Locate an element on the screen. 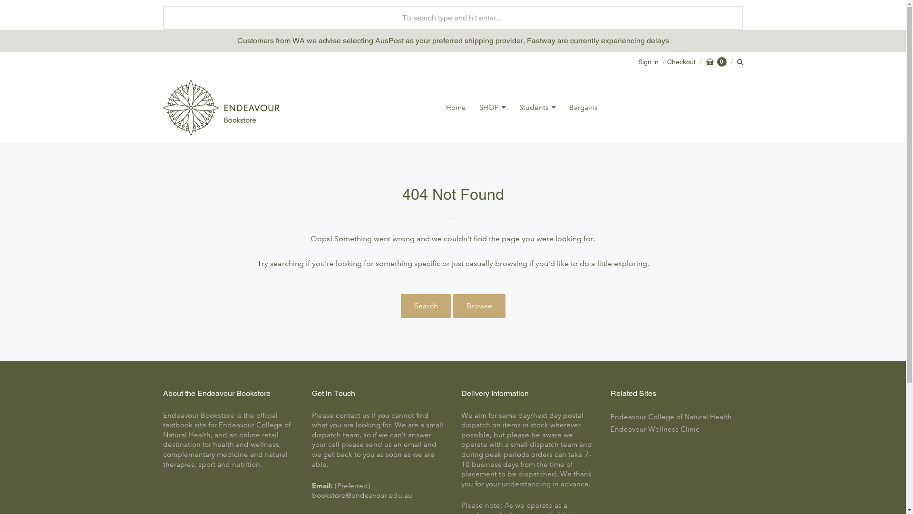 This screenshot has width=913, height=514. 'Sign in' is located at coordinates (648, 62).